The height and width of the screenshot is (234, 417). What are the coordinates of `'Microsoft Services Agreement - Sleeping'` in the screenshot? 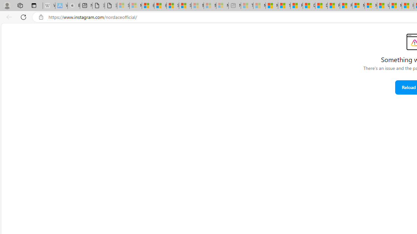 It's located at (135, 6).